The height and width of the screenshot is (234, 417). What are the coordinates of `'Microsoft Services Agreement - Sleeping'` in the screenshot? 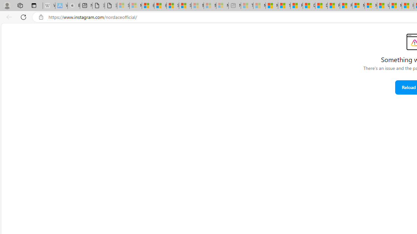 It's located at (135, 6).